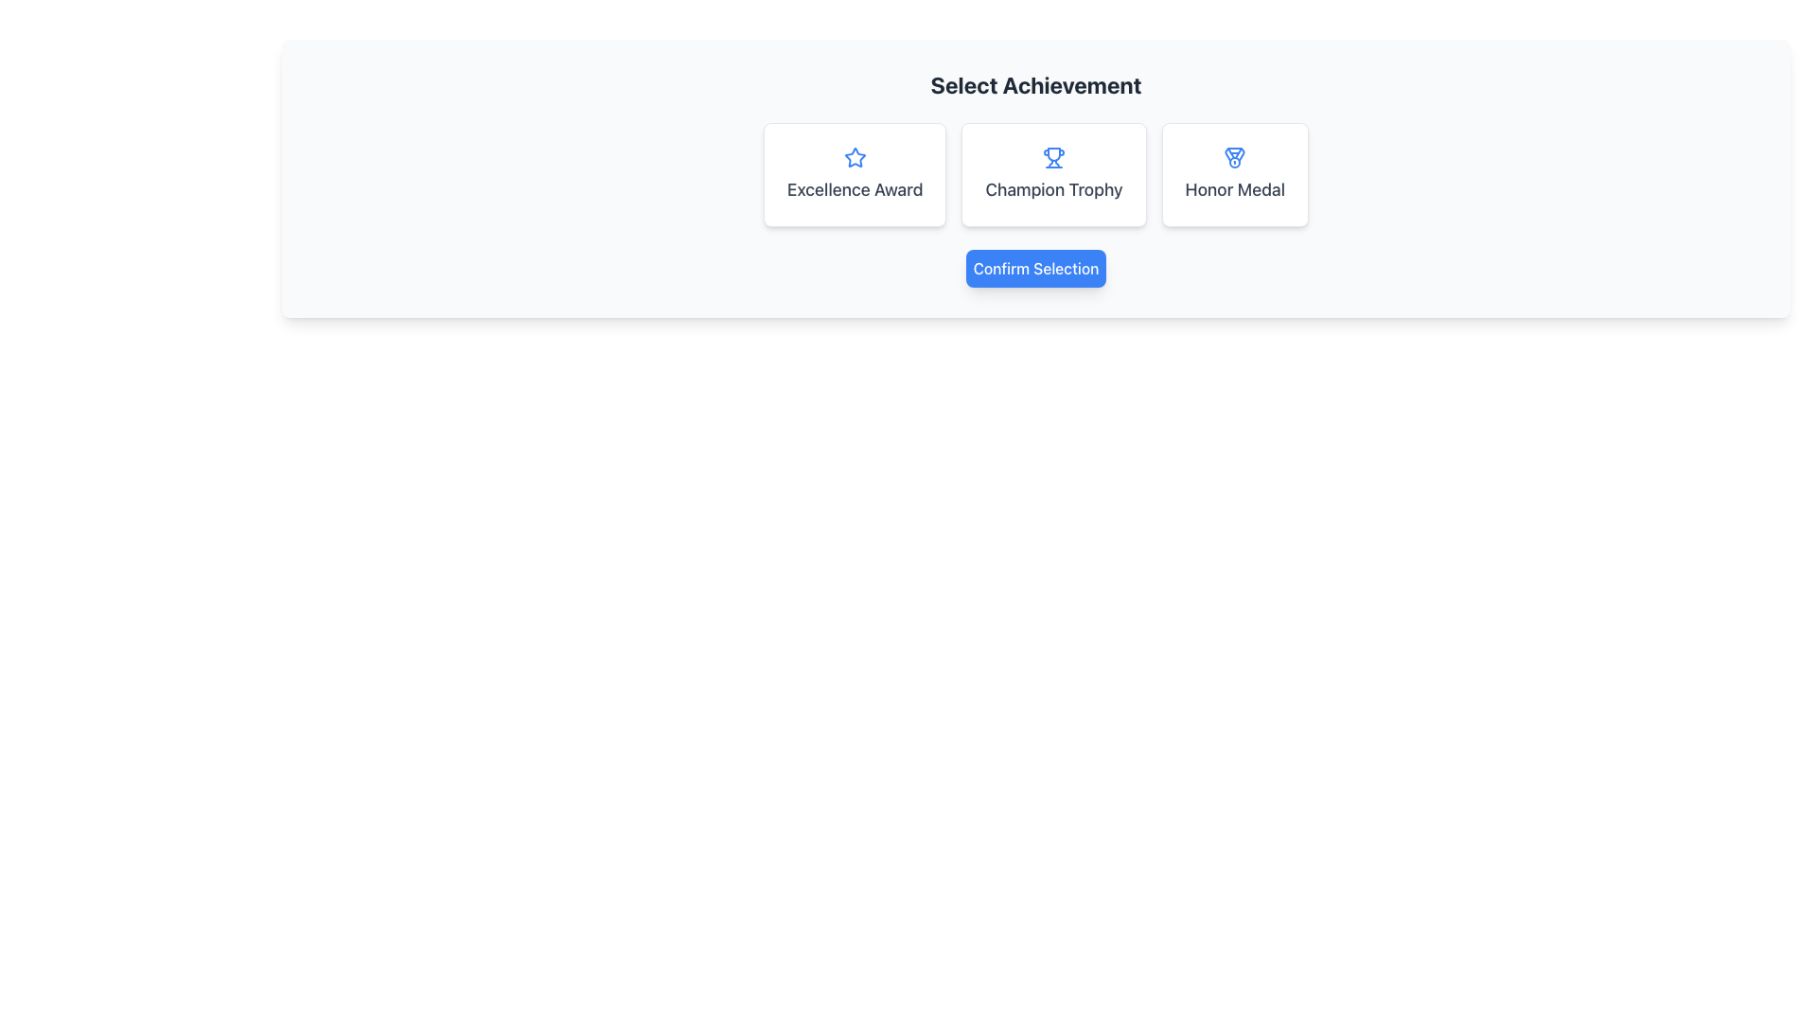 This screenshot has height=1022, width=1817. What do you see at coordinates (1052, 189) in the screenshot?
I see `text label displaying 'Champion Trophy' which is styled in gray and positioned at the center of the middle card among three selectable cards` at bounding box center [1052, 189].